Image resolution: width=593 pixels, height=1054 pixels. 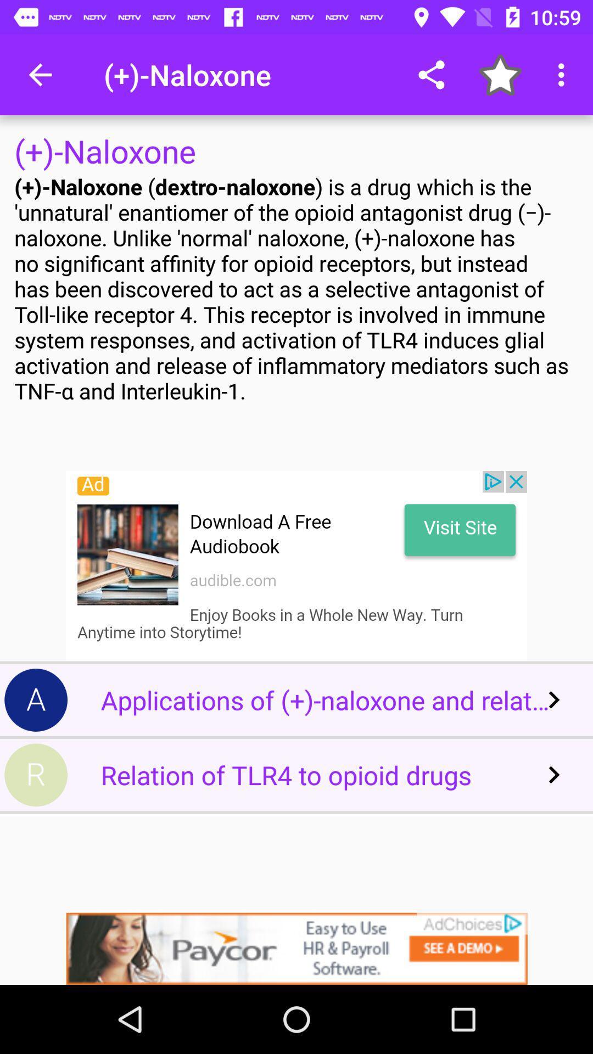 What do you see at coordinates (296, 948) in the screenshot?
I see `open advertisement` at bounding box center [296, 948].